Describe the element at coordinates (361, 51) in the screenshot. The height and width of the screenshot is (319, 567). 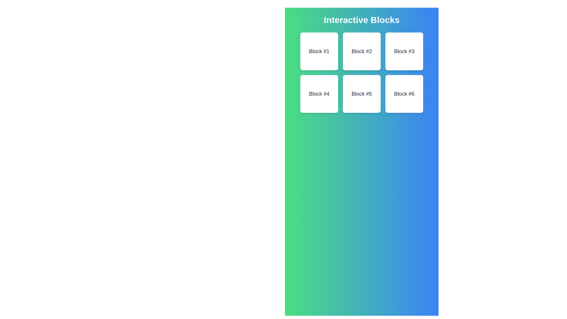
I see `text label that identifies the second block as 'Block #2', which is centered in the top row of a 3x2 grid layout` at that location.